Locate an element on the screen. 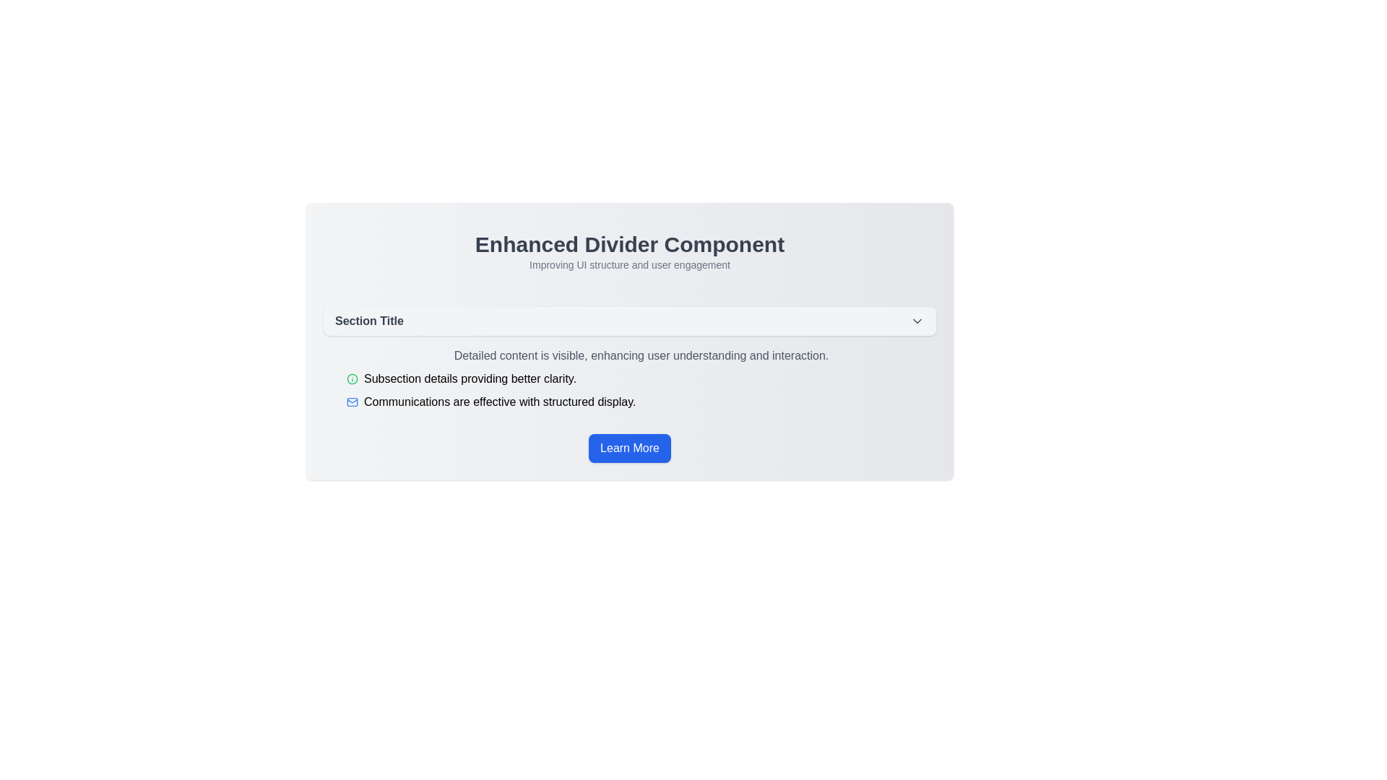 The height and width of the screenshot is (780, 1387). the static text element that provides specific details related to the main section, located below the main section title and to the left of a small green informational icon is located at coordinates (470, 378).